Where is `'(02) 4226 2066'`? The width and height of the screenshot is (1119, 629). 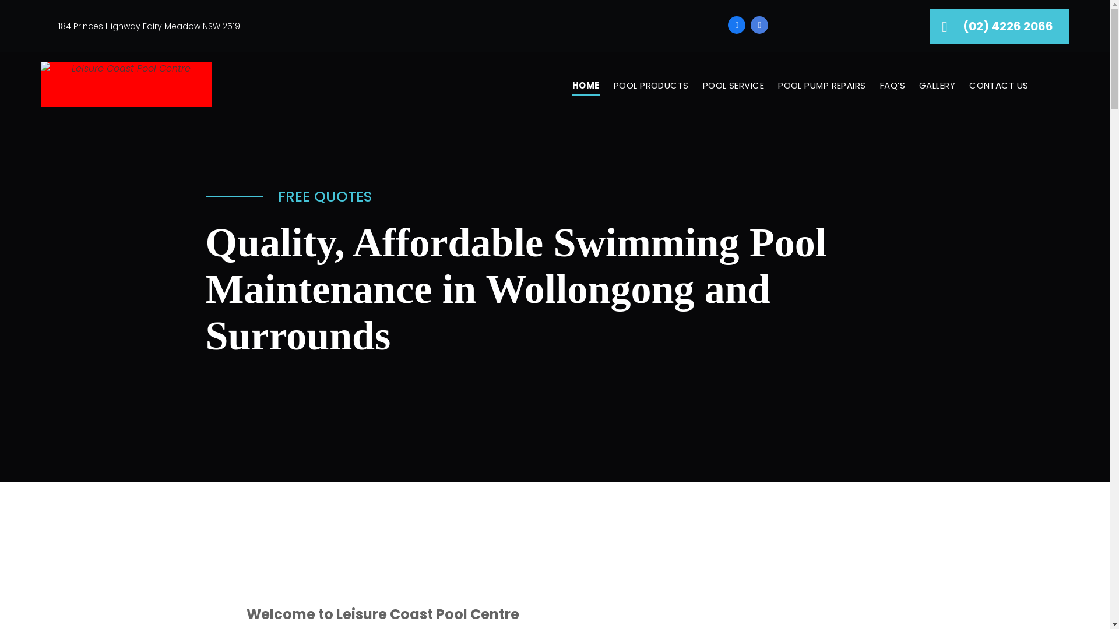
'(02) 4226 2066' is located at coordinates (998, 26).